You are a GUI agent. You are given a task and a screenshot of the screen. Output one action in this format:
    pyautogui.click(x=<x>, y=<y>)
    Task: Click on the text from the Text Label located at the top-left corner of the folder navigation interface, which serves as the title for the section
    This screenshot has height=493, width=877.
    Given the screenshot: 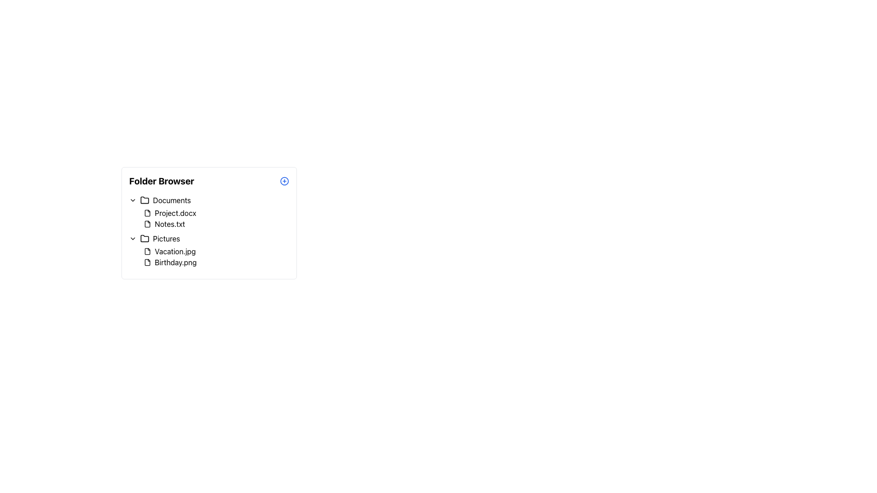 What is the action you would take?
    pyautogui.click(x=162, y=181)
    